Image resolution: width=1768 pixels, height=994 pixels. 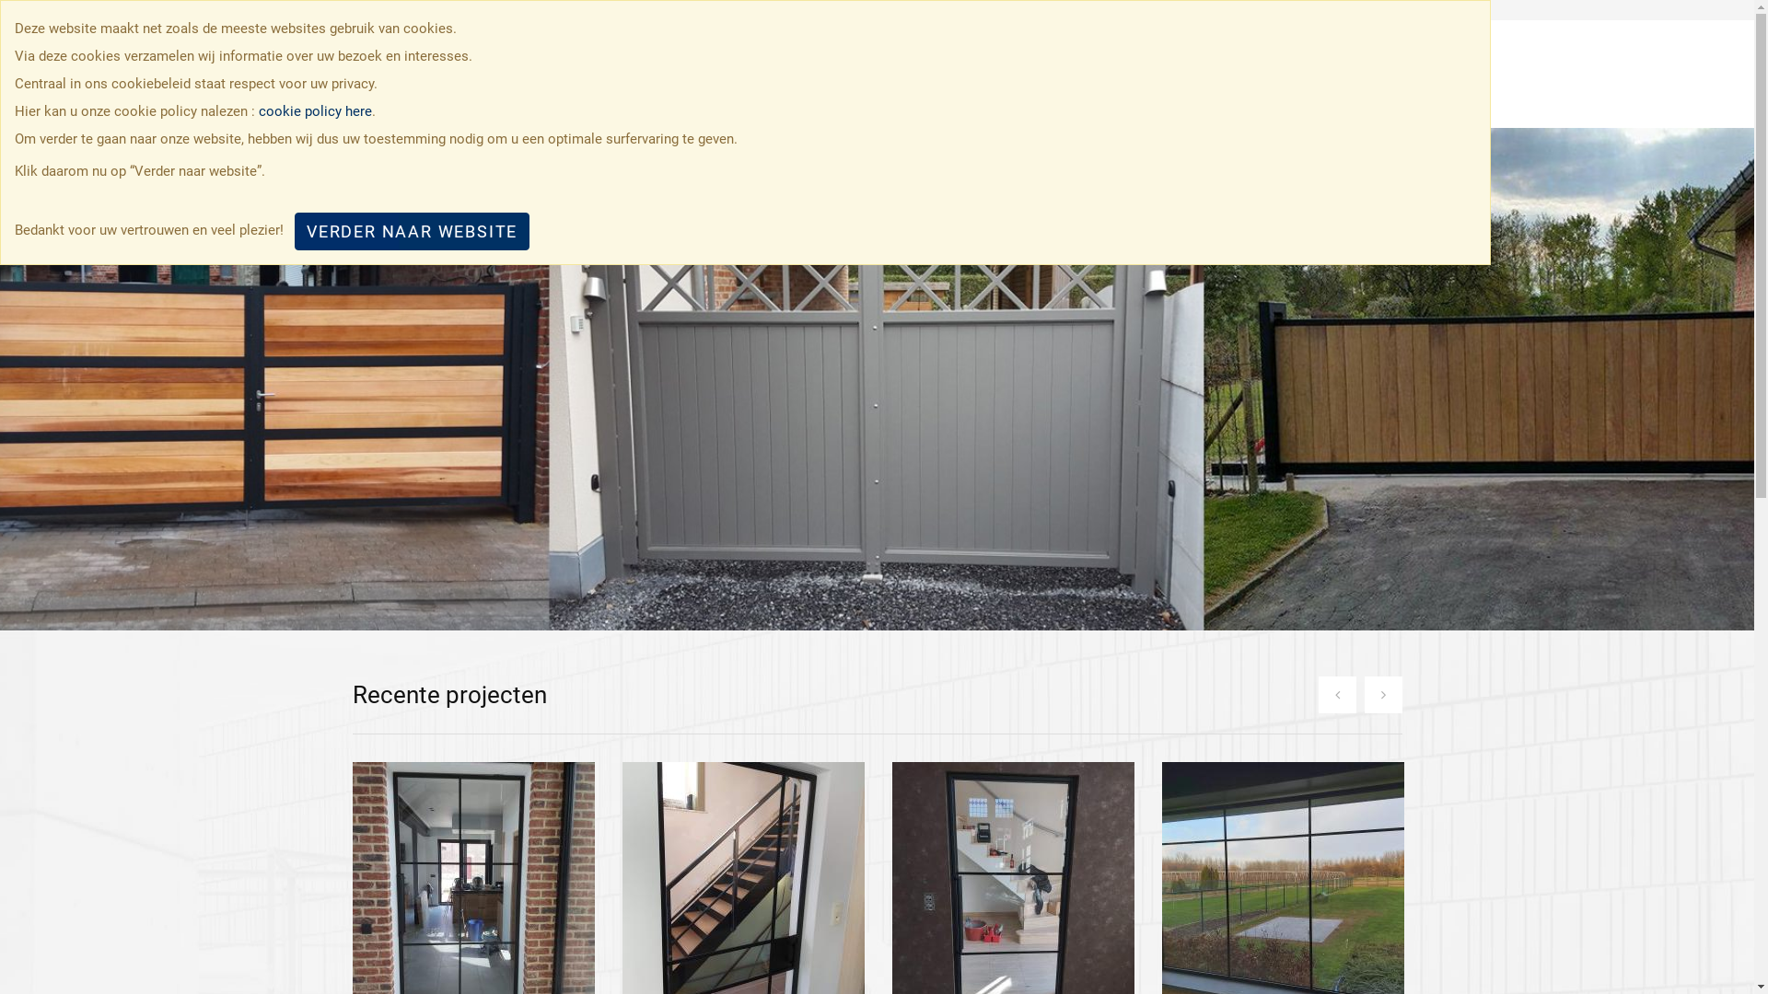 I want to click on 'CONTACT', so click(x=1320, y=74).